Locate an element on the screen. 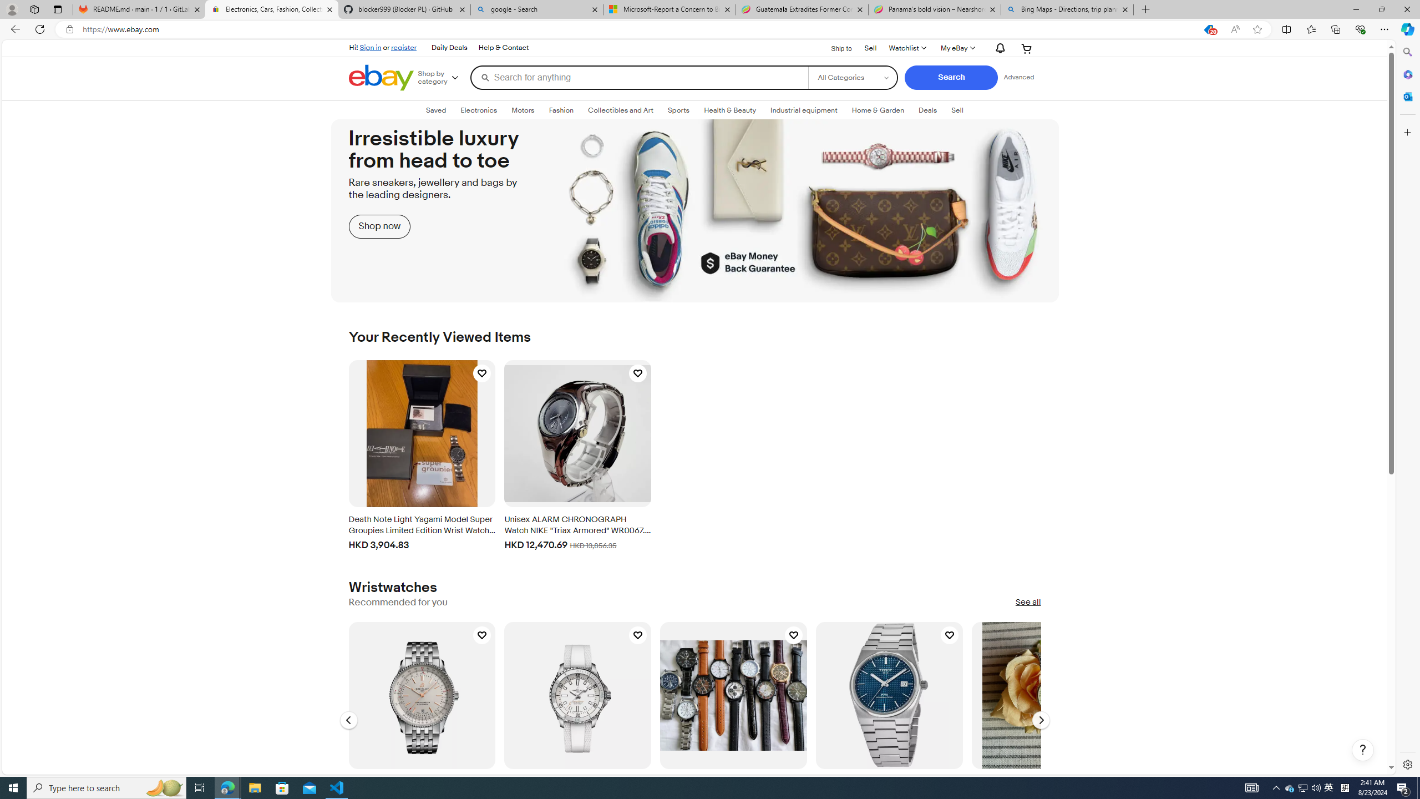 Image resolution: width=1420 pixels, height=799 pixels. 'SportsExpand: Sports' is located at coordinates (678, 110).